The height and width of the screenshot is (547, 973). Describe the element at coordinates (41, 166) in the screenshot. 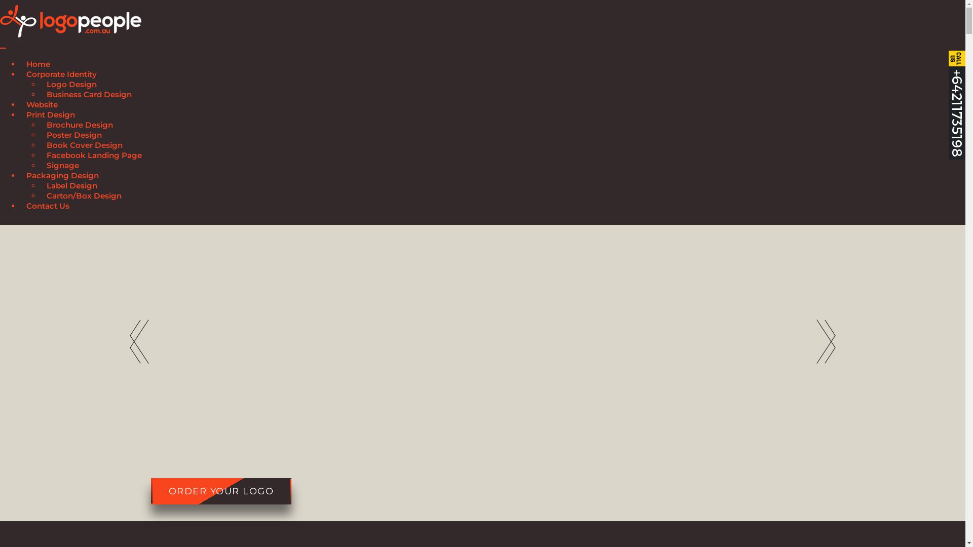

I see `'Signage'` at that location.